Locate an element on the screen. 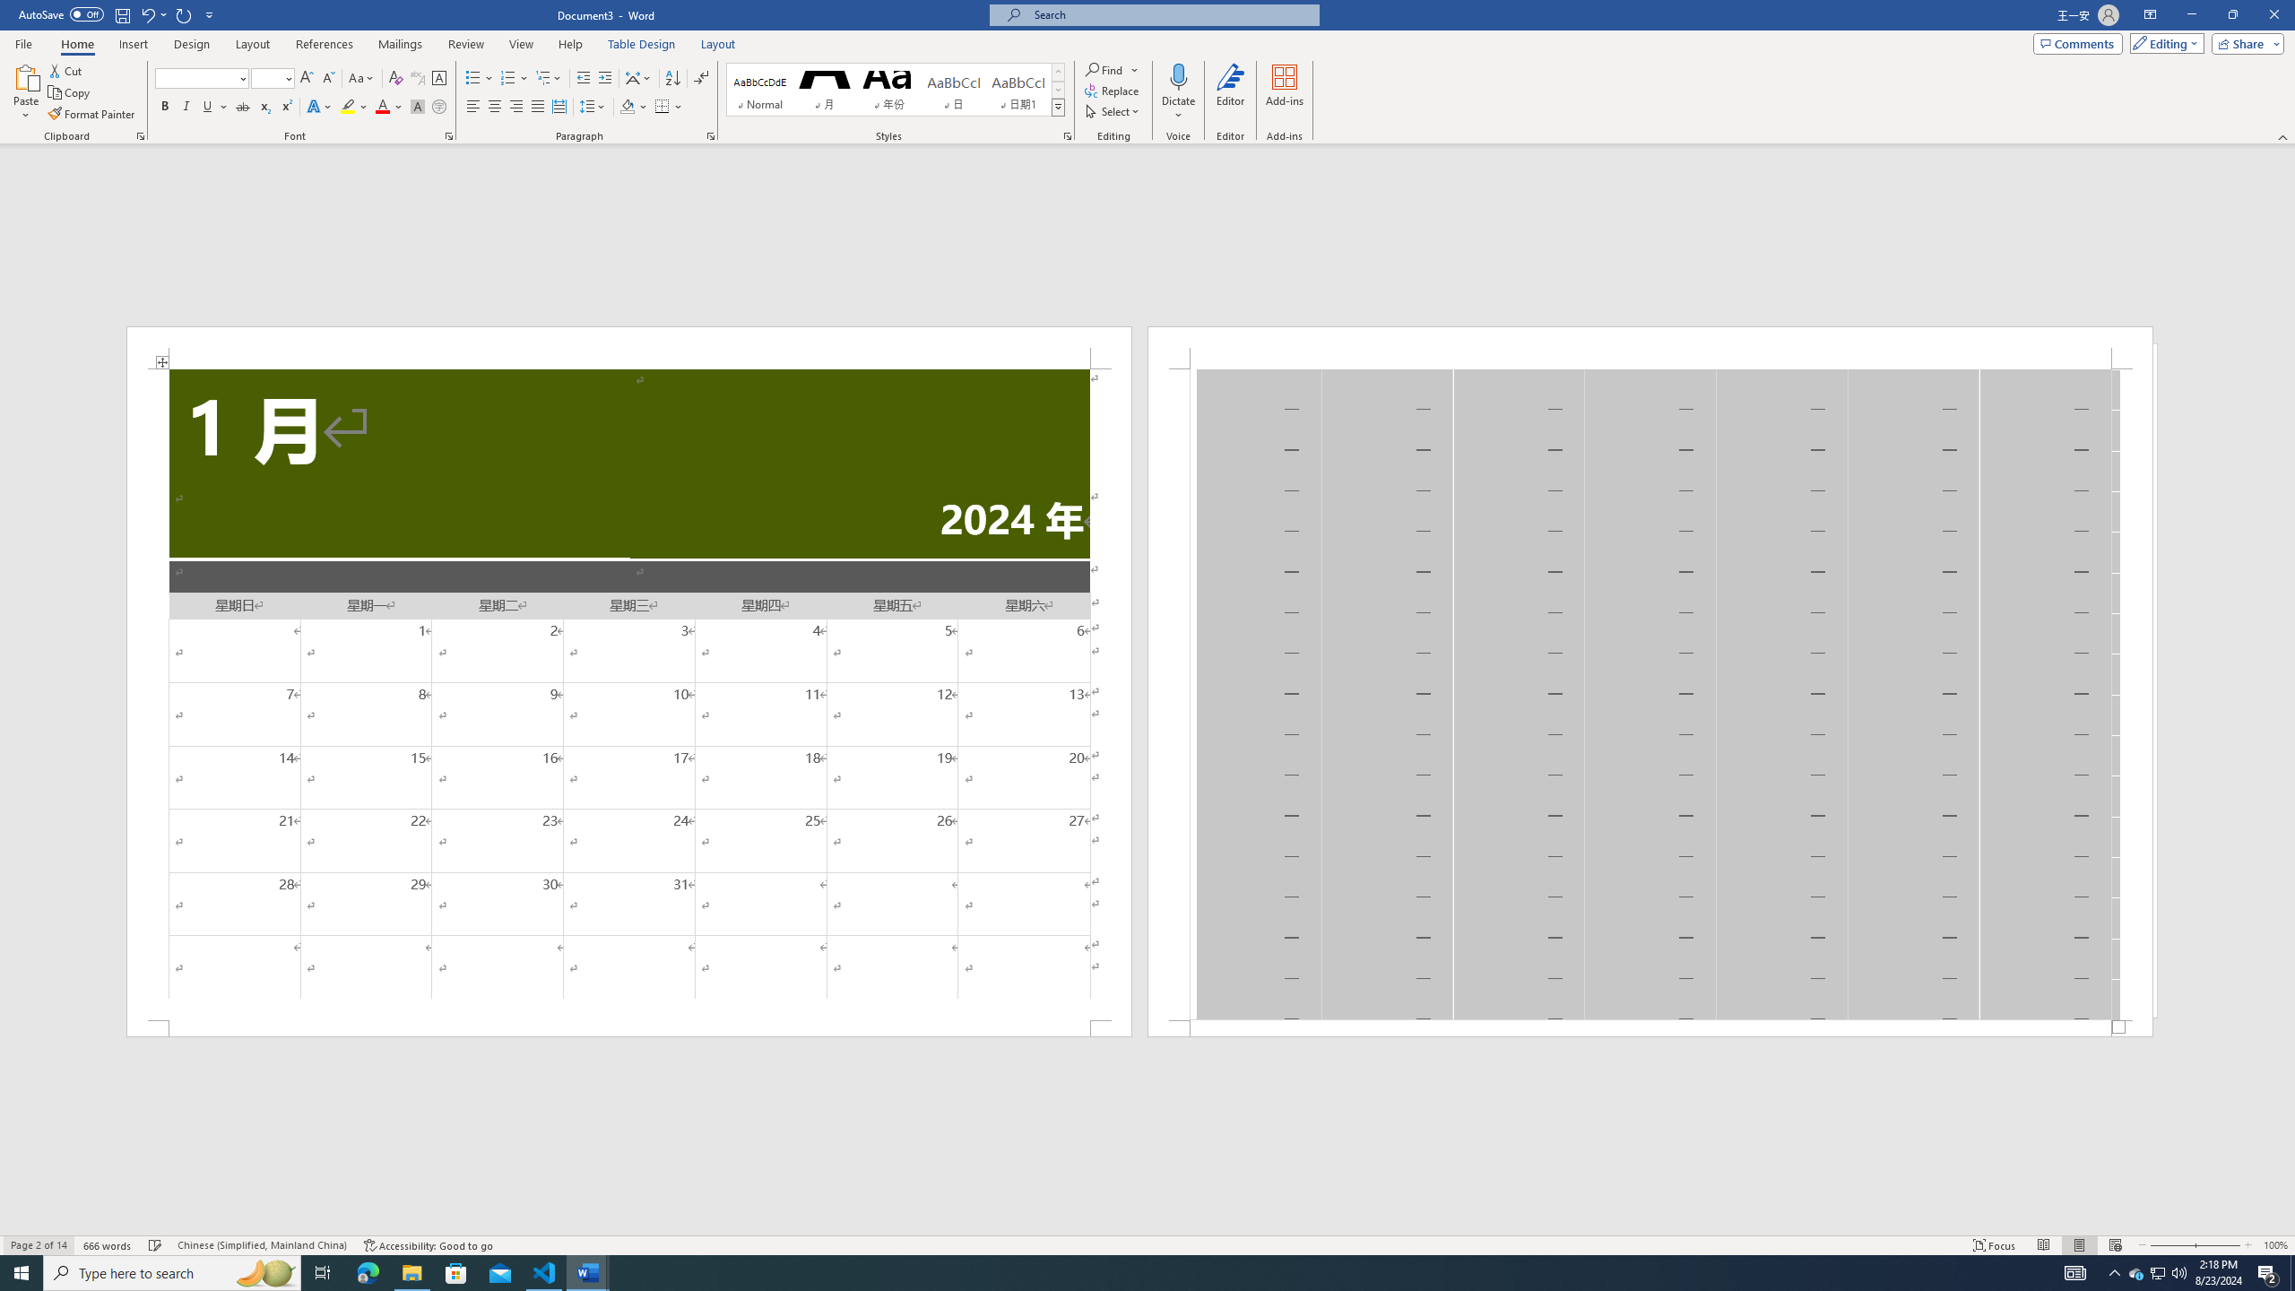  'Copy' is located at coordinates (70, 92).